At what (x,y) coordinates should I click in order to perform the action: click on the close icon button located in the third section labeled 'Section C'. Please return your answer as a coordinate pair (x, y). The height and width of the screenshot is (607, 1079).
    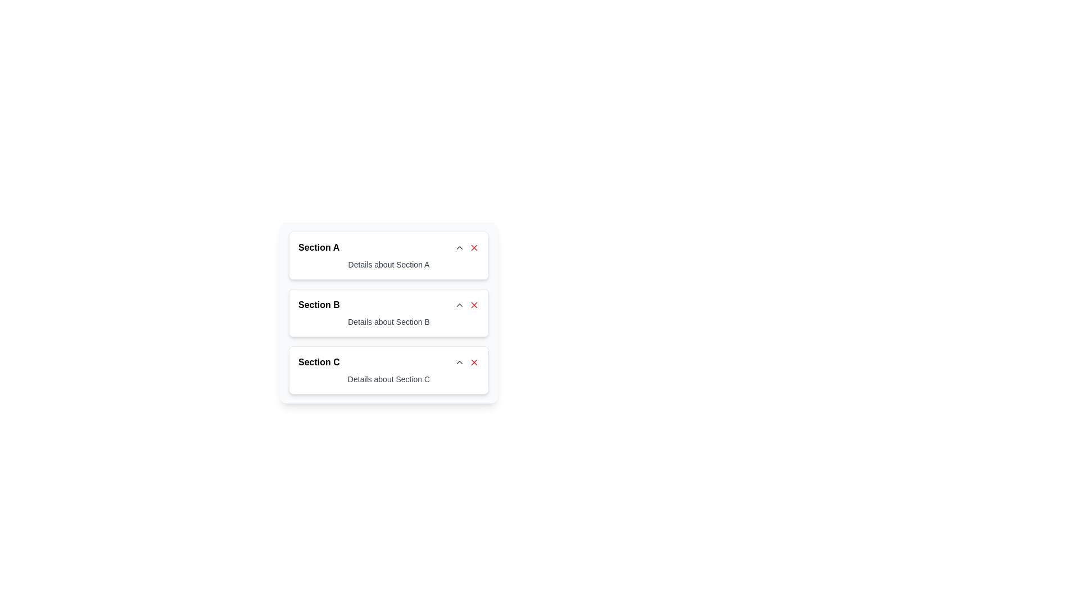
    Looking at the image, I should click on (474, 362).